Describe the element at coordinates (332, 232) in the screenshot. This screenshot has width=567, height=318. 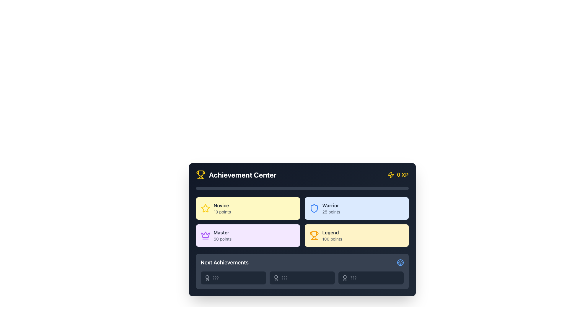
I see `text 'Legend' displayed in bold gray font on a yellow background, located in the bottom-right card labeled 'Legend' in the main interface` at that location.